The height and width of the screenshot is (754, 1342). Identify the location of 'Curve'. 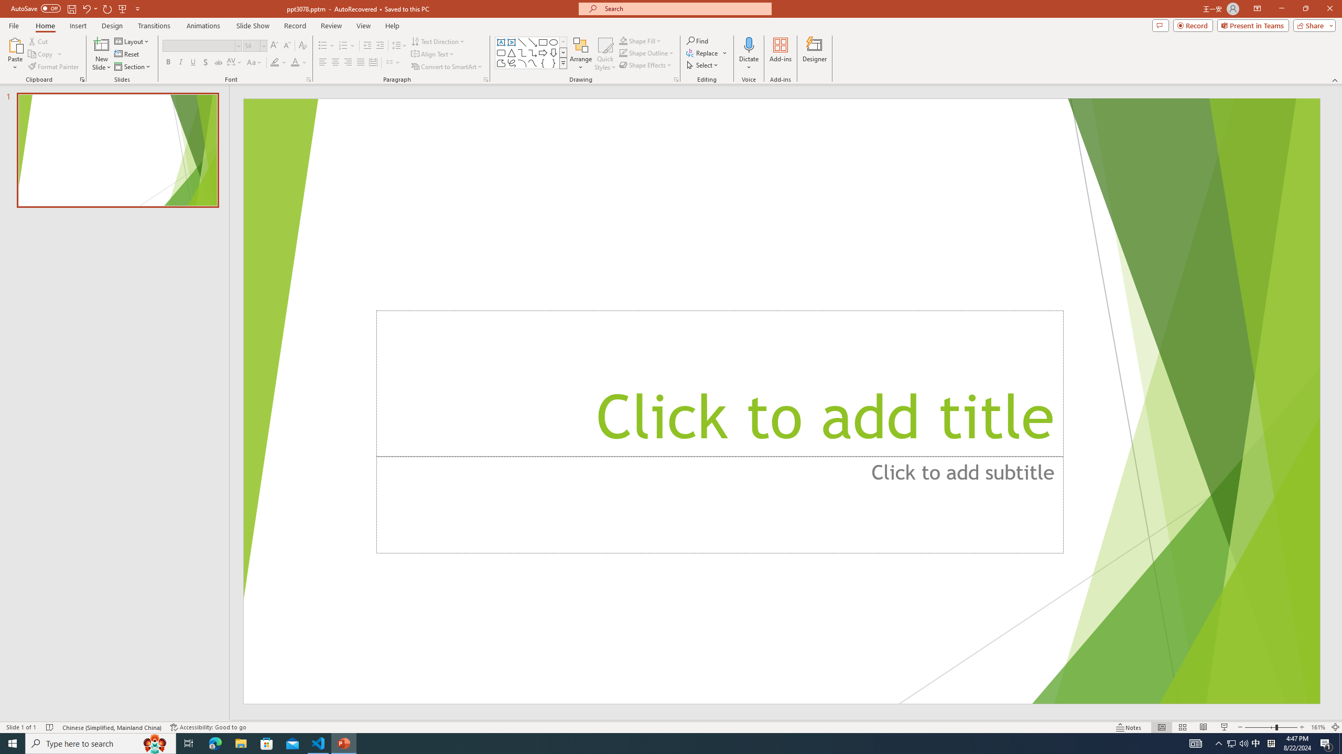
(532, 62).